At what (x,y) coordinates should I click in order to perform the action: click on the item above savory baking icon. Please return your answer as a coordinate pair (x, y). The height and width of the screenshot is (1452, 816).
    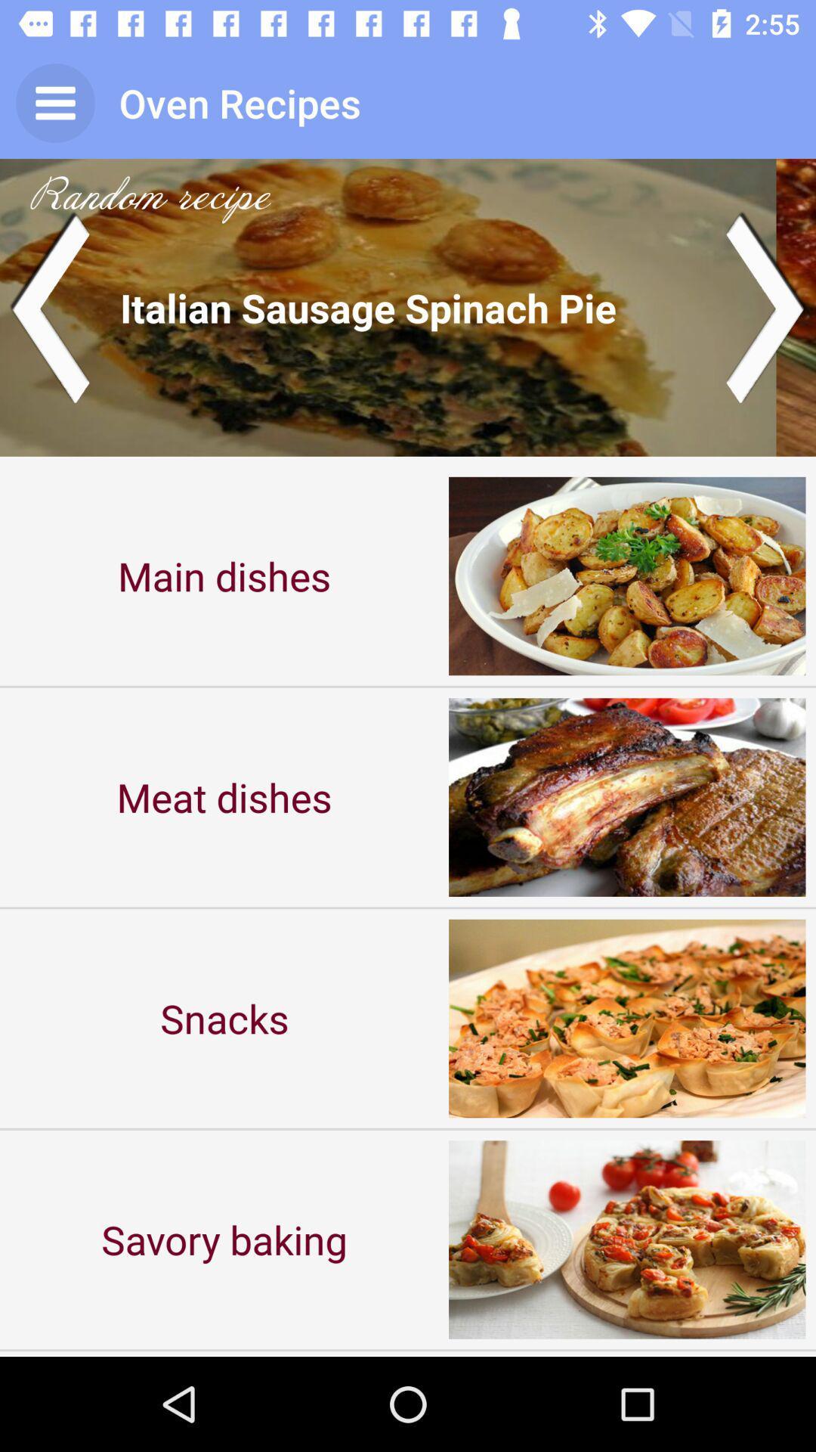
    Looking at the image, I should click on (224, 1018).